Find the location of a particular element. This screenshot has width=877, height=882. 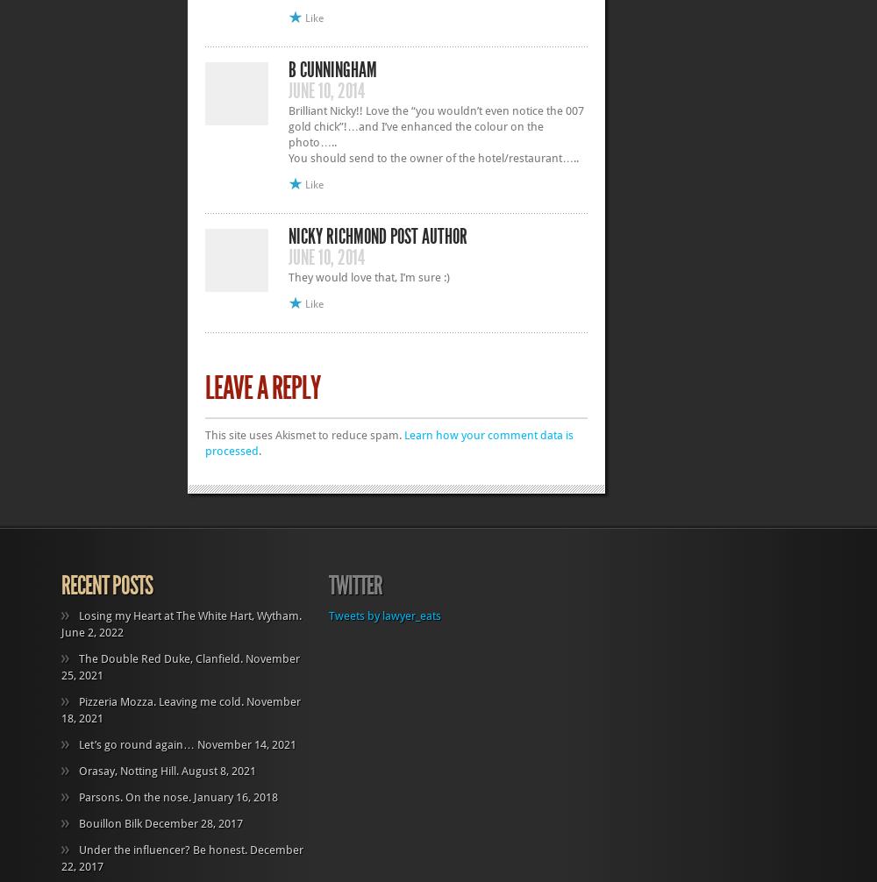

'Twitter' is located at coordinates (355, 584).